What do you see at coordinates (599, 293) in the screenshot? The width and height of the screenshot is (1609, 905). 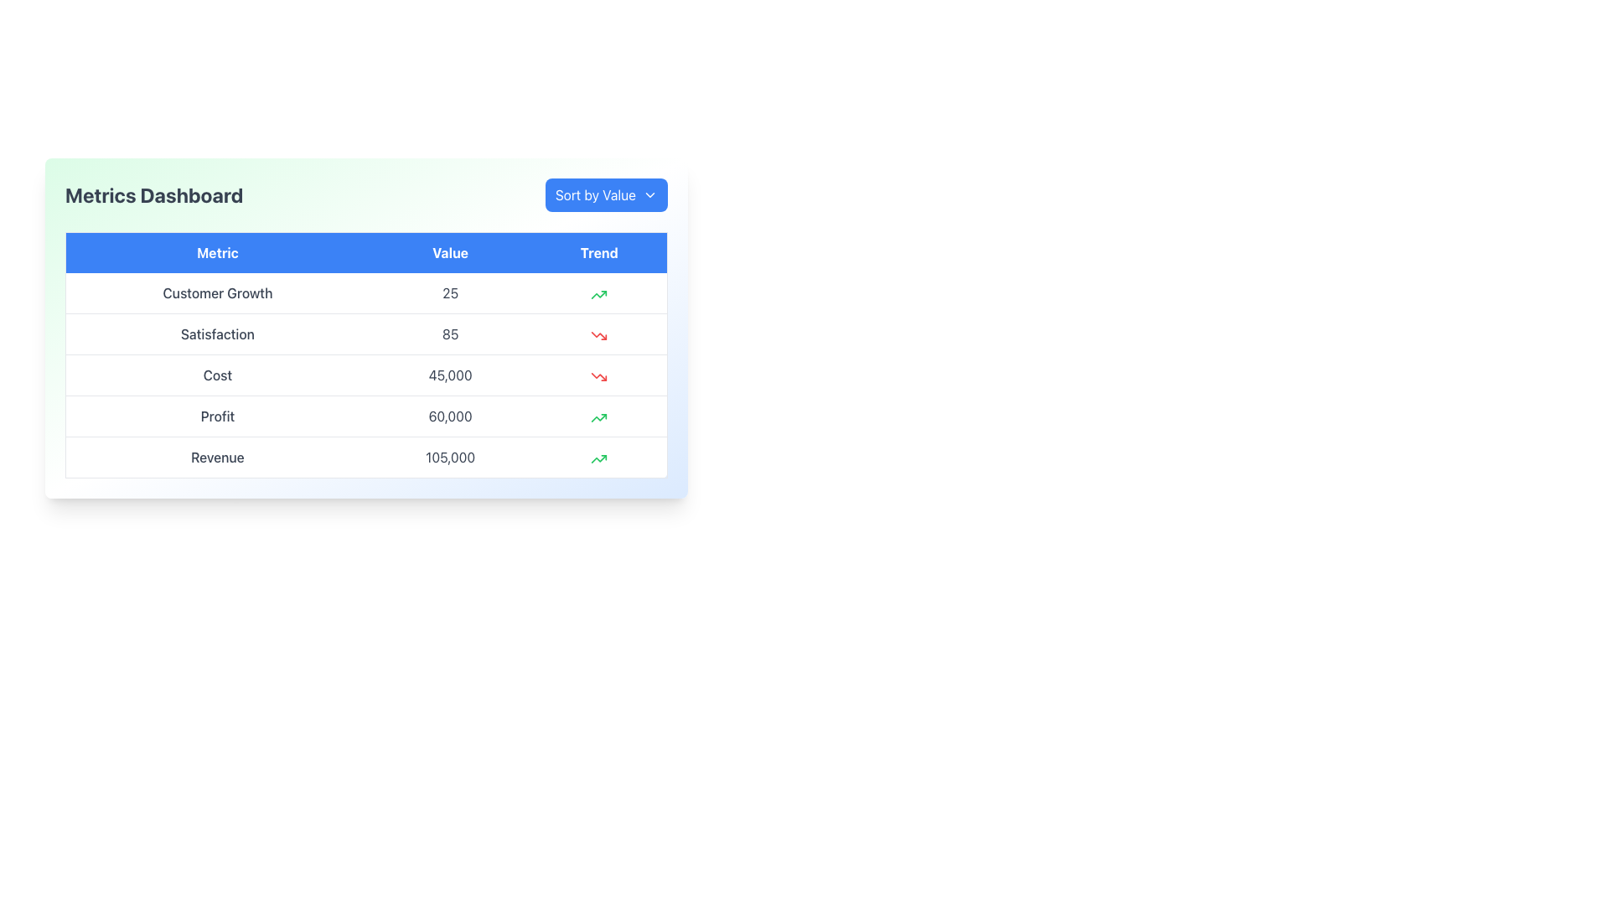 I see `the upward trending green arrow icon in the 'Trend' column for the 'Revenue' row, which signifies a positive trend` at bounding box center [599, 293].